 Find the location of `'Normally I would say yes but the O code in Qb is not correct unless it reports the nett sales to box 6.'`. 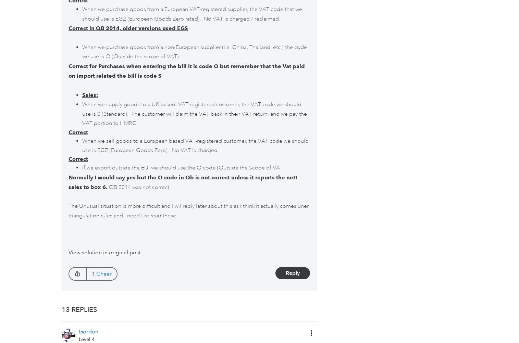

'Normally I would say yes but the O code in Qb is not correct unless it reports the nett sales to box 6.' is located at coordinates (183, 182).